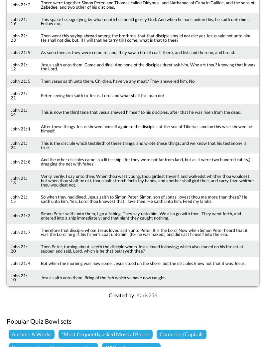 The image size is (266, 347). Describe the element at coordinates (18, 199) in the screenshot. I see `'John 21: 15'` at that location.